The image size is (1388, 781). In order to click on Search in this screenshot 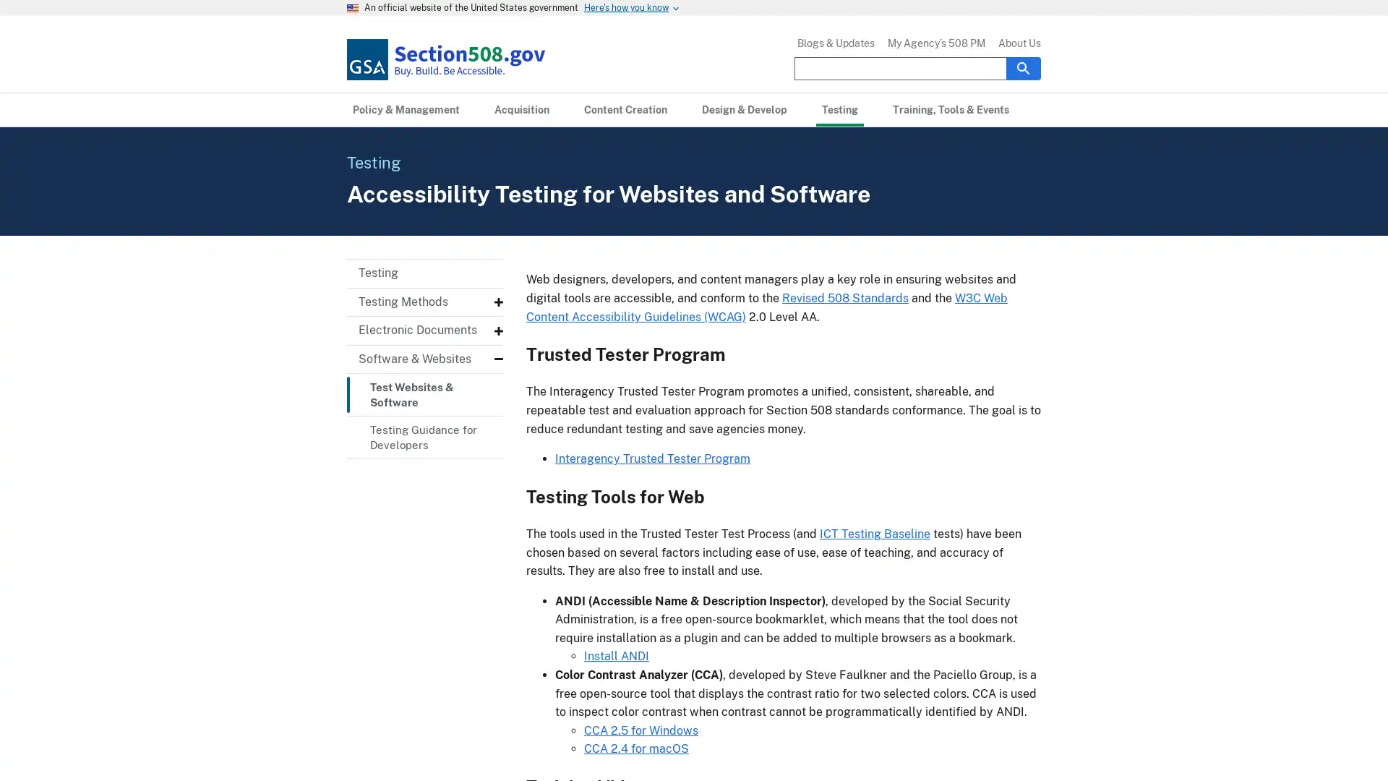, I will do `click(1023, 67)`.